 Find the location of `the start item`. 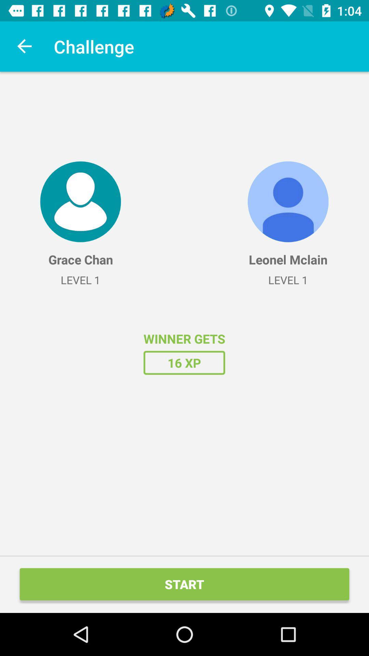

the start item is located at coordinates (184, 584).